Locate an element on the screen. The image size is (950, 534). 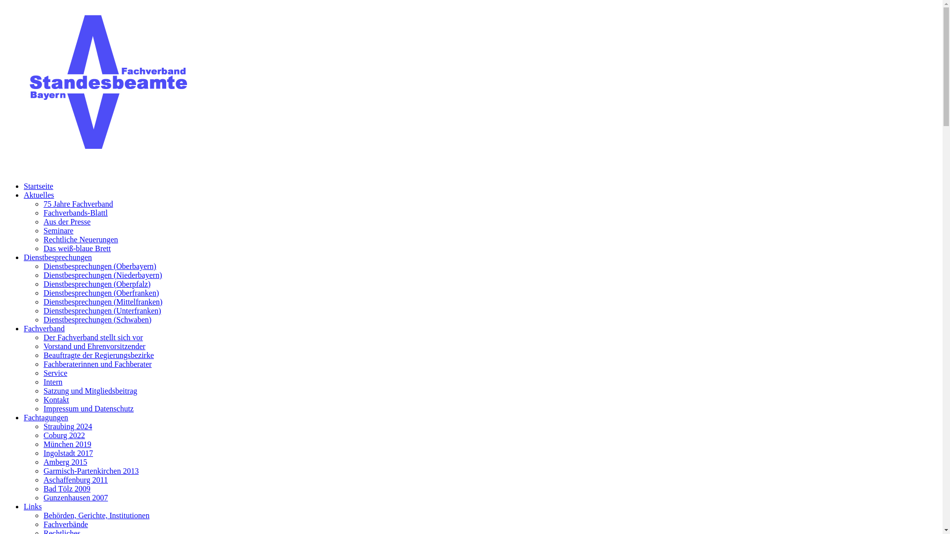
'Aschaffenburg 2011' is located at coordinates (75, 479).